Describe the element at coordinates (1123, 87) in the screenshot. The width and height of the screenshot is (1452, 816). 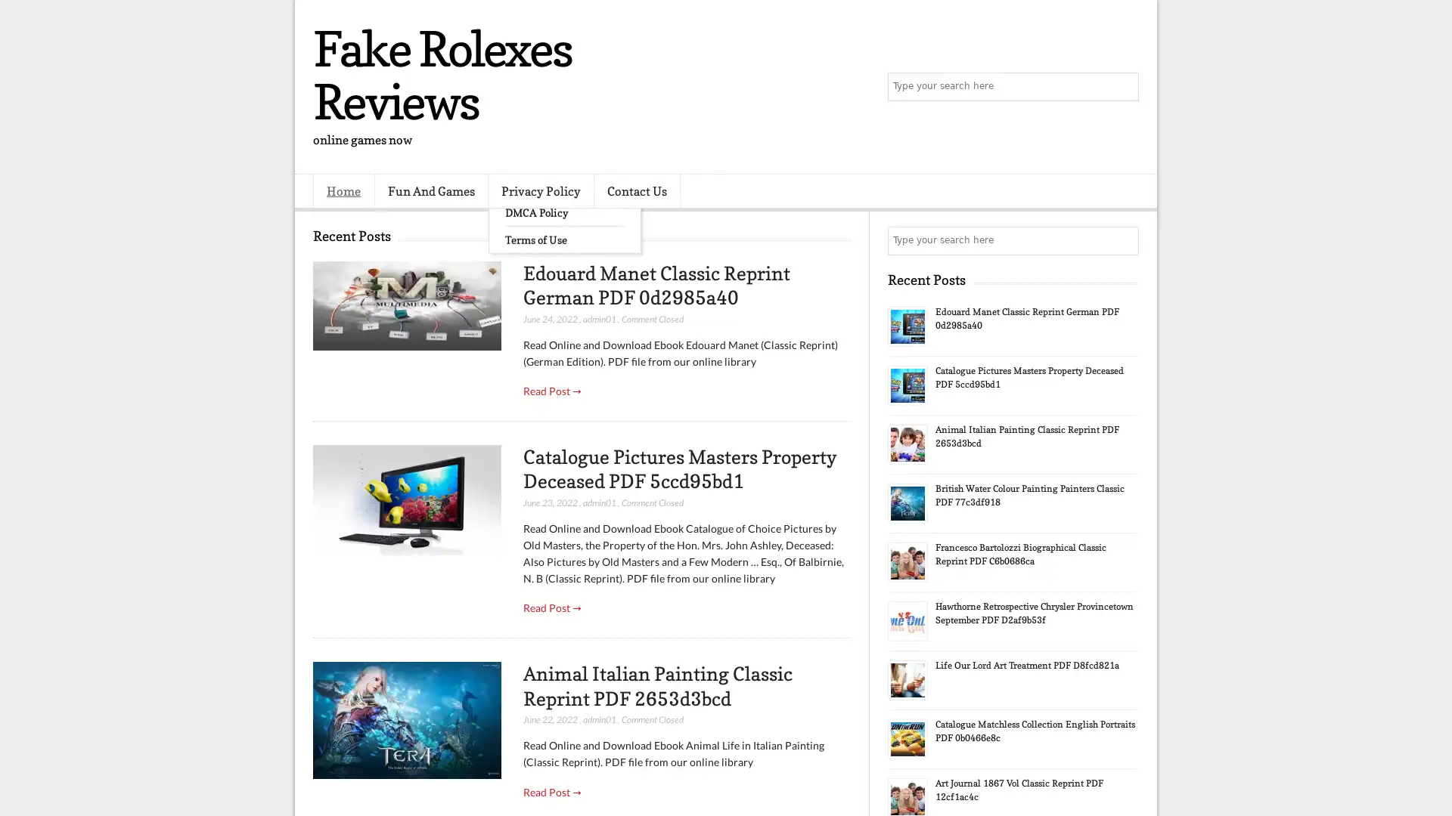
I see `Search` at that location.